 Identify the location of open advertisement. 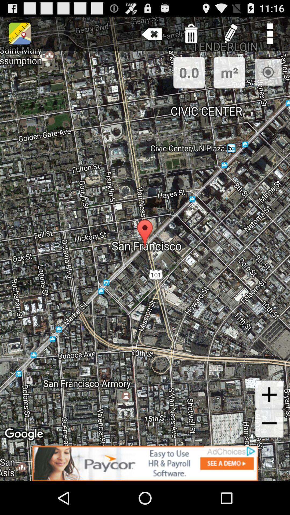
(145, 463).